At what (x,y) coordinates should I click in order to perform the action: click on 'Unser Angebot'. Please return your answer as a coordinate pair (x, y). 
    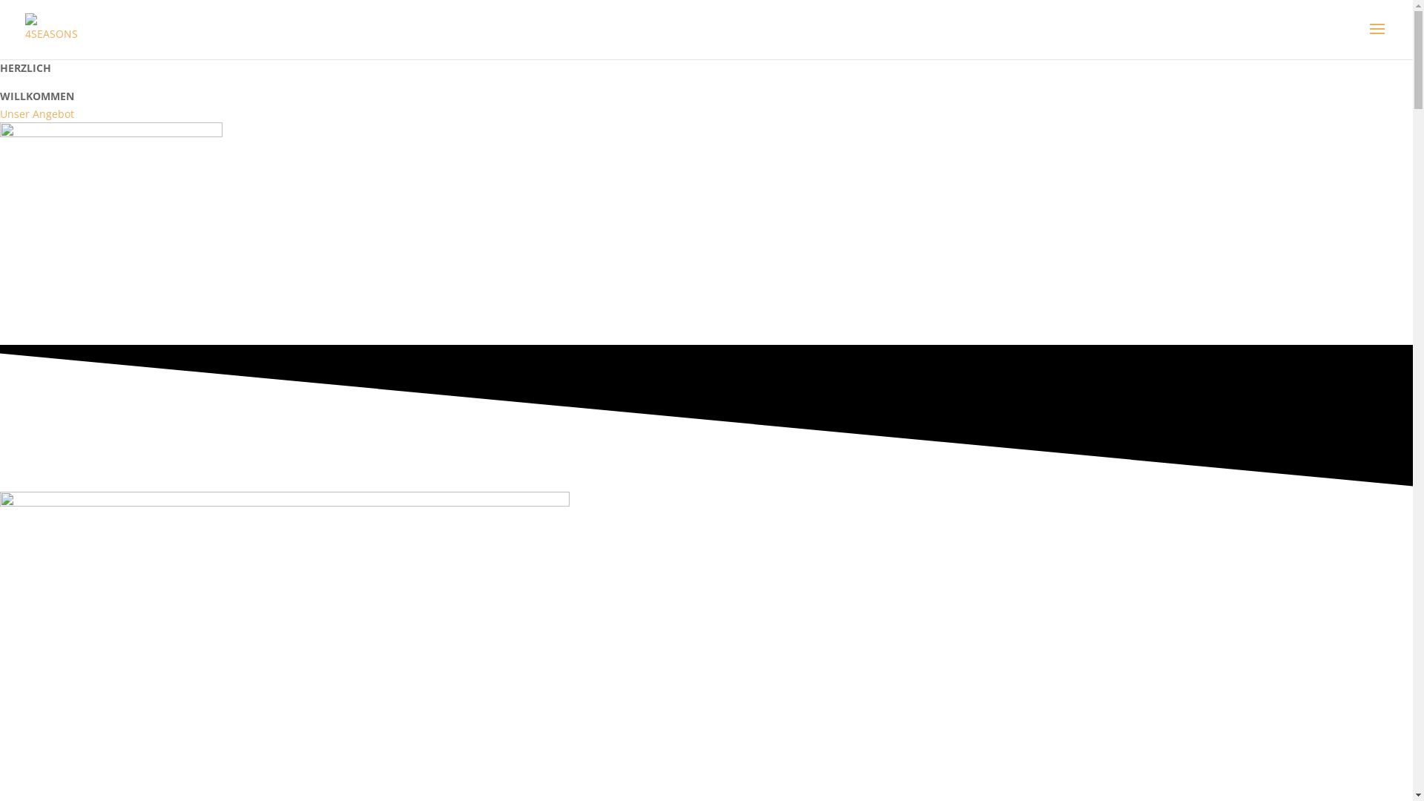
    Looking at the image, I should click on (36, 113).